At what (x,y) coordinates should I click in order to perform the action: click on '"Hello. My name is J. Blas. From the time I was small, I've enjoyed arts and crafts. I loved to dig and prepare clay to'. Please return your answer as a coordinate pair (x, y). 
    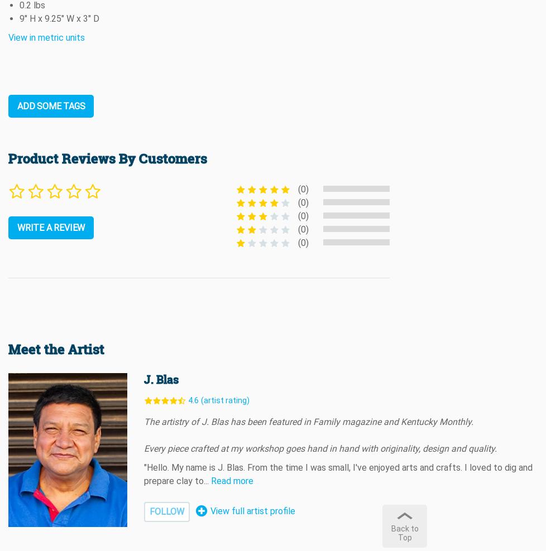
    Looking at the image, I should click on (337, 474).